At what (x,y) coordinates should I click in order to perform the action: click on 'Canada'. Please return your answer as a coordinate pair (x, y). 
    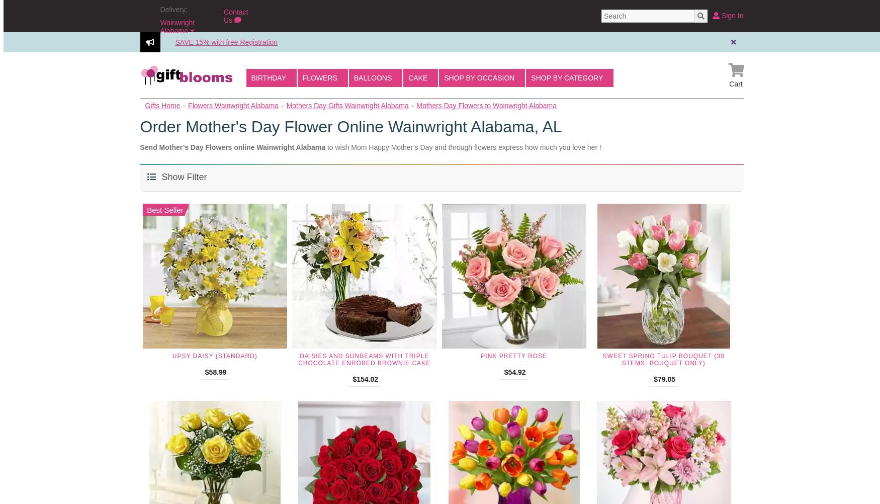
    Looking at the image, I should click on (180, 75).